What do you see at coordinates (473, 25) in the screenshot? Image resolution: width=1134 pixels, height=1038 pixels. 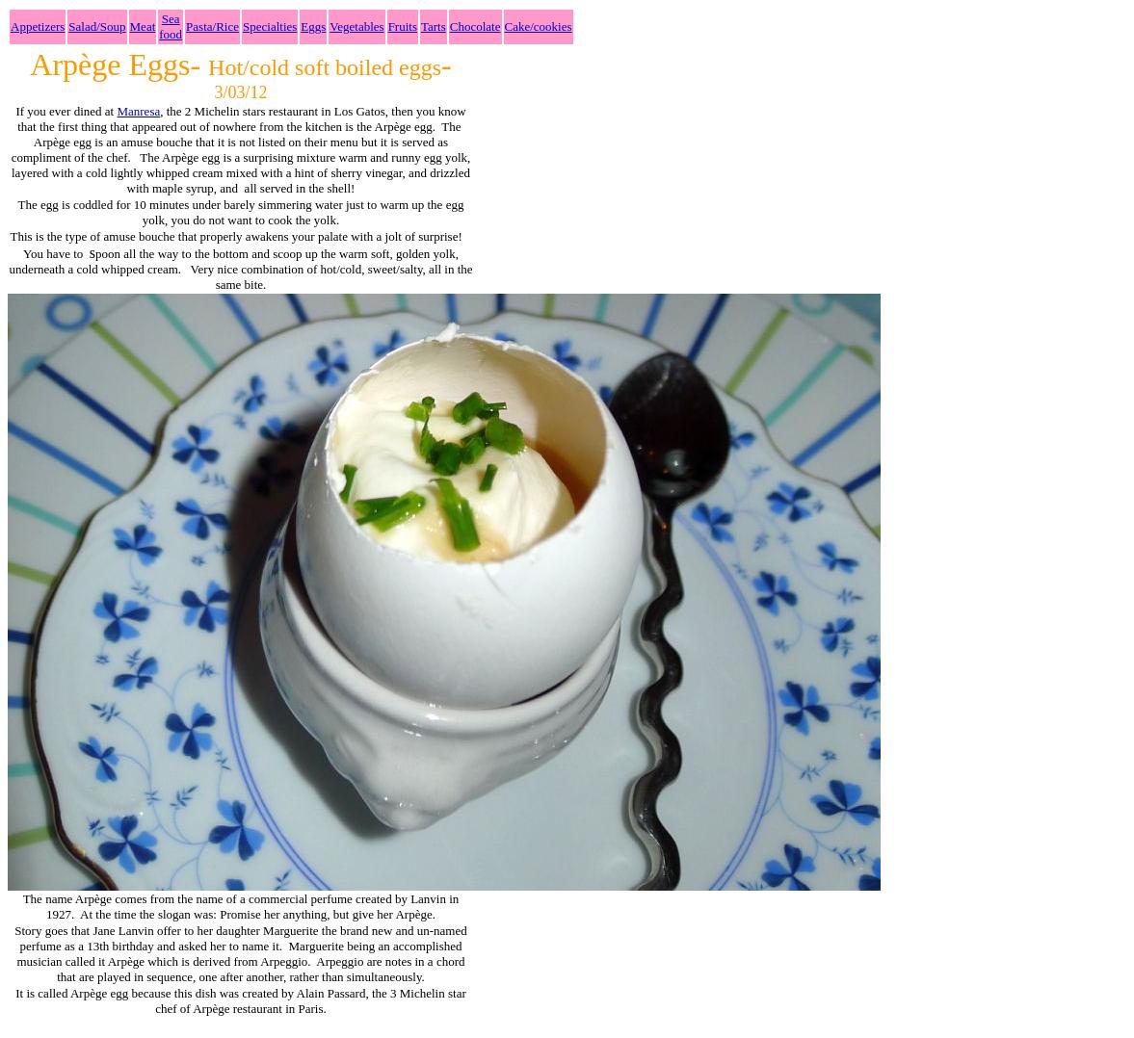 I see `'Chocolate'` at bounding box center [473, 25].